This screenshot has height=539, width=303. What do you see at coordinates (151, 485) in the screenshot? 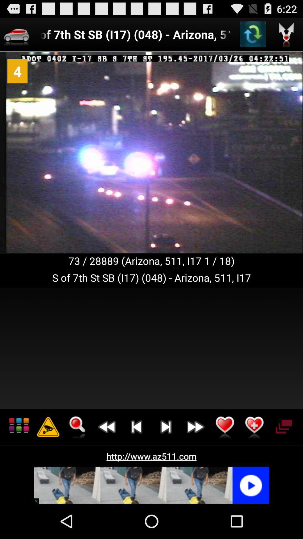
I see `open advertisement` at bounding box center [151, 485].